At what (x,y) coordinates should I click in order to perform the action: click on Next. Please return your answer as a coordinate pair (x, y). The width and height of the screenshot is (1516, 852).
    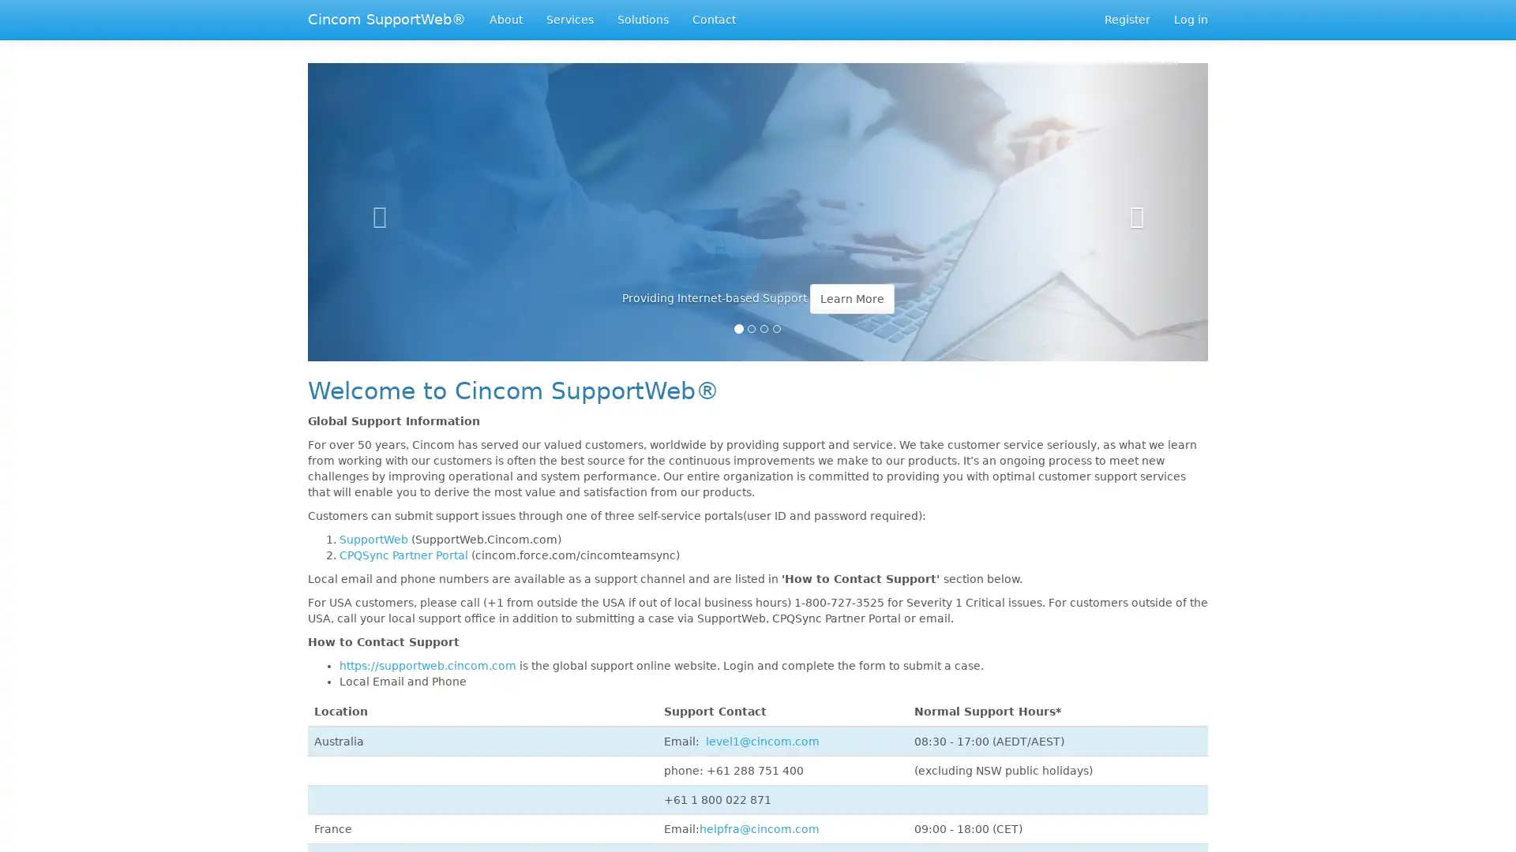
    Looking at the image, I should click on (1140, 200).